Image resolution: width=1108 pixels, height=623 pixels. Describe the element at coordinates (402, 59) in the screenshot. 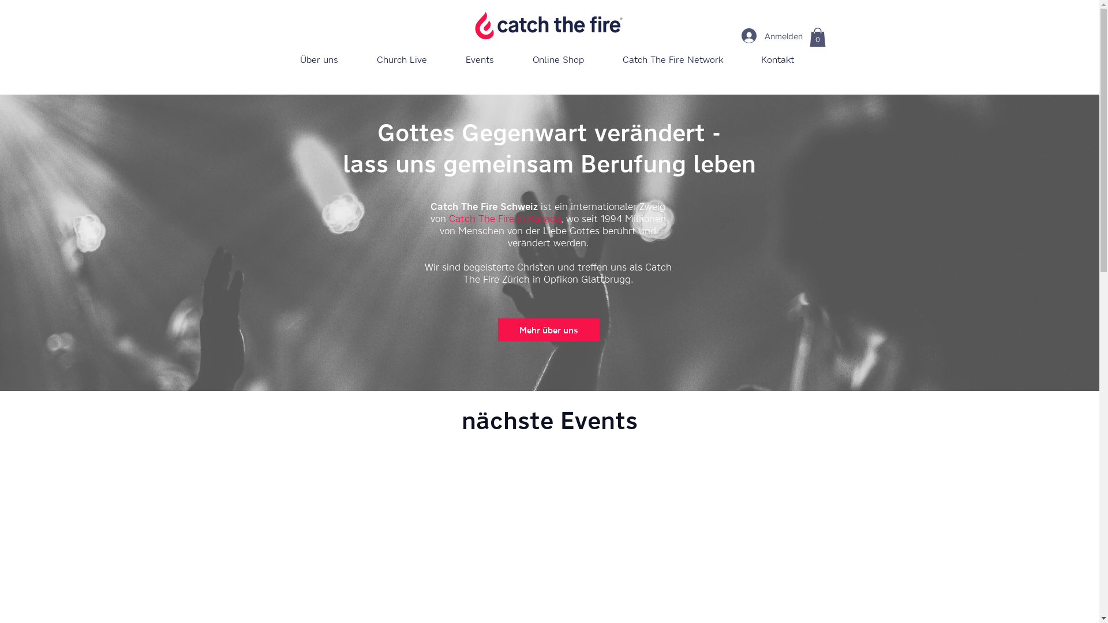

I see `'Church Live'` at that location.